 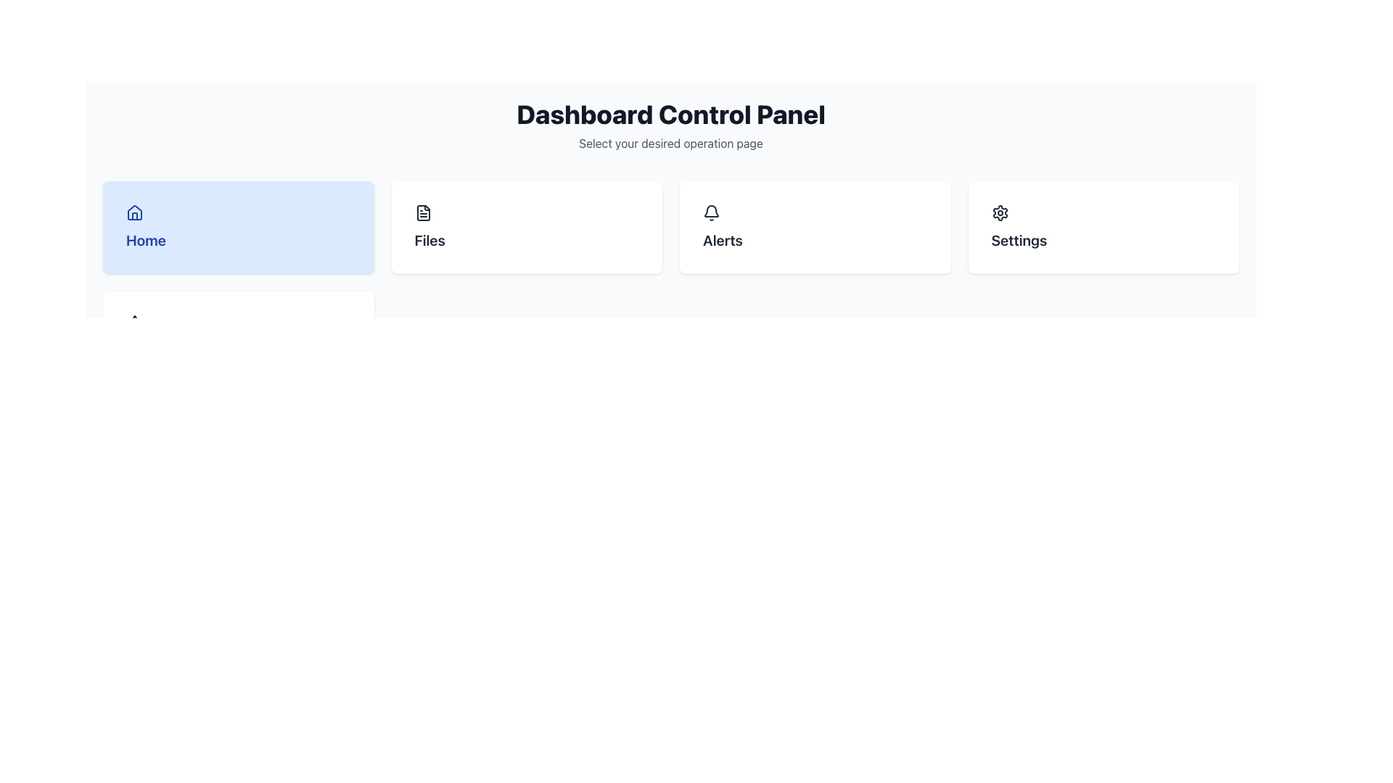 I want to click on the 'Home' SVG icon located in the top-left quadrant of the navigation panel, so click(x=135, y=212).